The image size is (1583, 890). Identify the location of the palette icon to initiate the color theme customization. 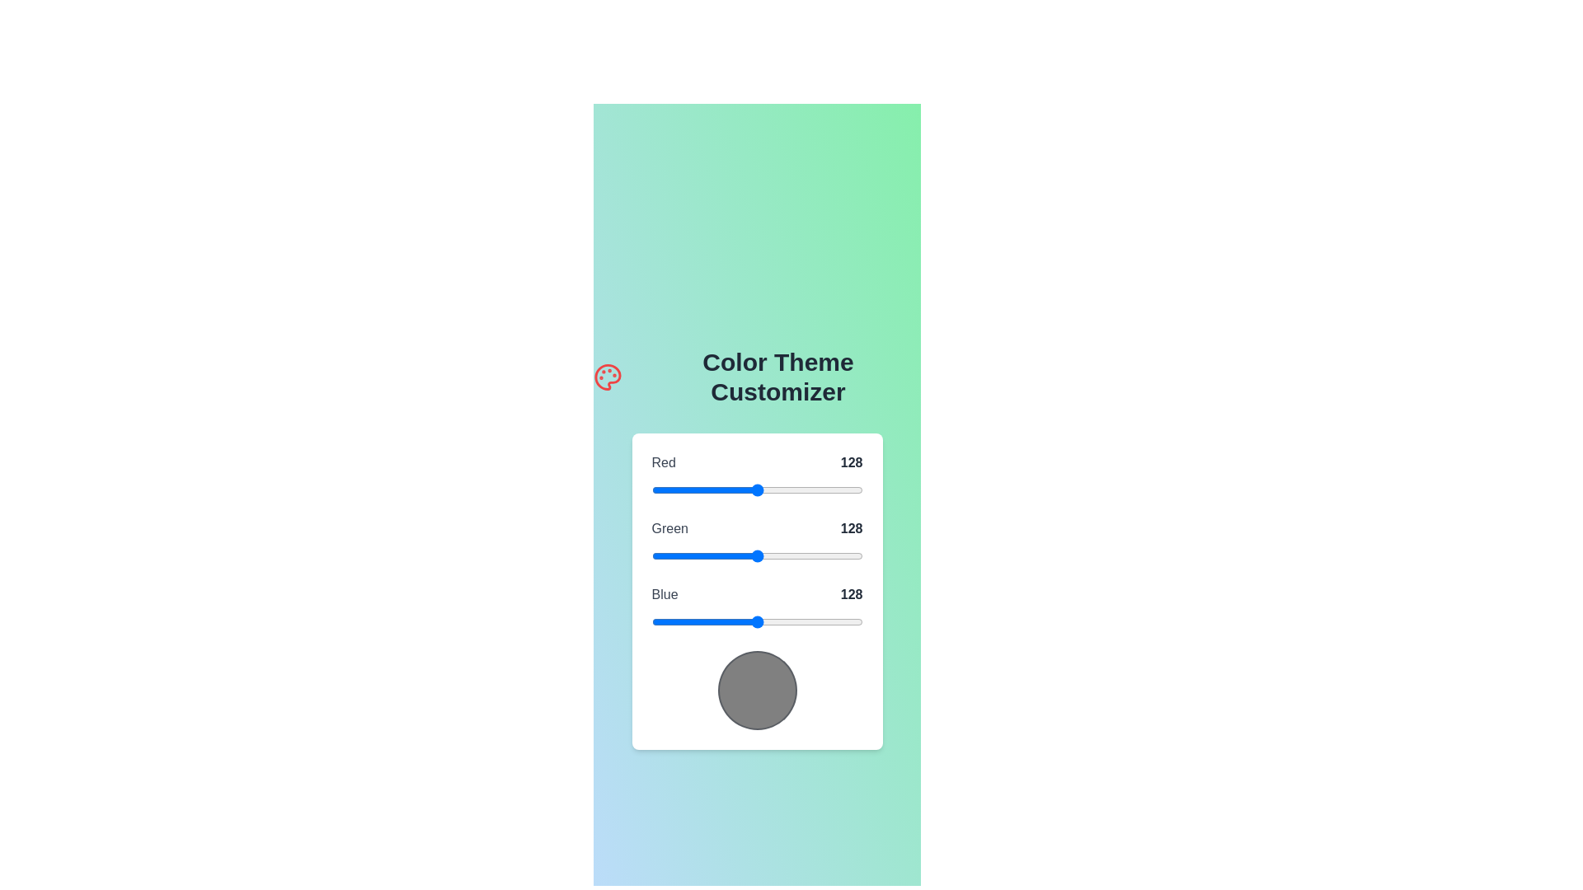
(607, 377).